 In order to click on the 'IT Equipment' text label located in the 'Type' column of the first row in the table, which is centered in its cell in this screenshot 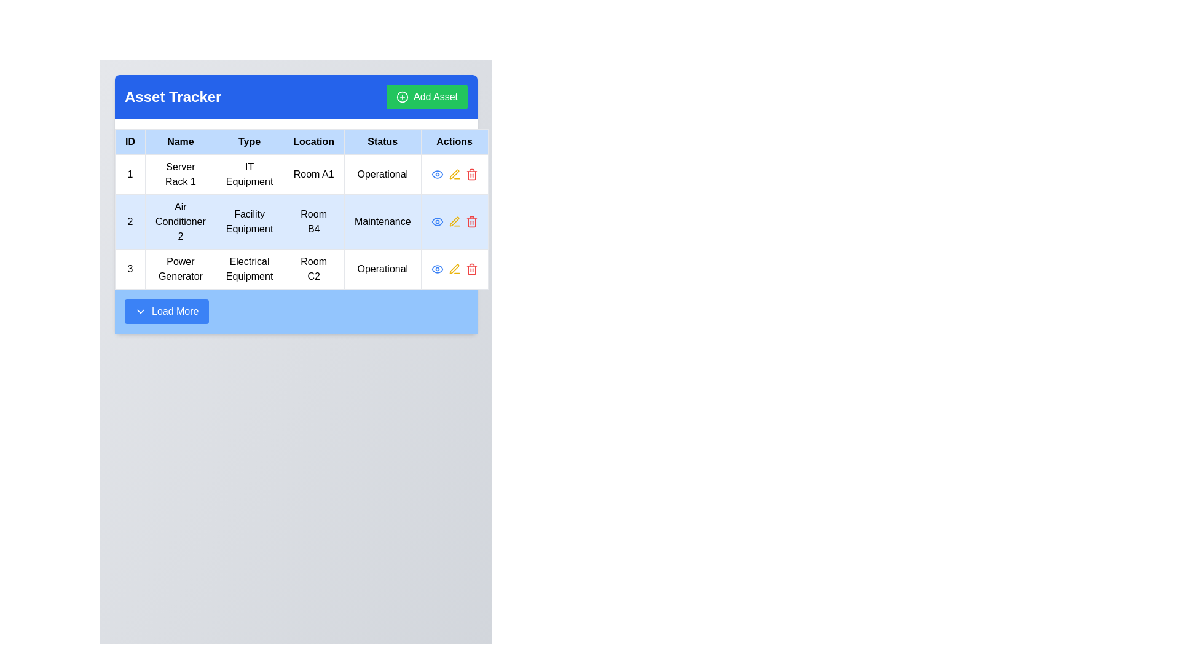, I will do `click(249, 175)`.